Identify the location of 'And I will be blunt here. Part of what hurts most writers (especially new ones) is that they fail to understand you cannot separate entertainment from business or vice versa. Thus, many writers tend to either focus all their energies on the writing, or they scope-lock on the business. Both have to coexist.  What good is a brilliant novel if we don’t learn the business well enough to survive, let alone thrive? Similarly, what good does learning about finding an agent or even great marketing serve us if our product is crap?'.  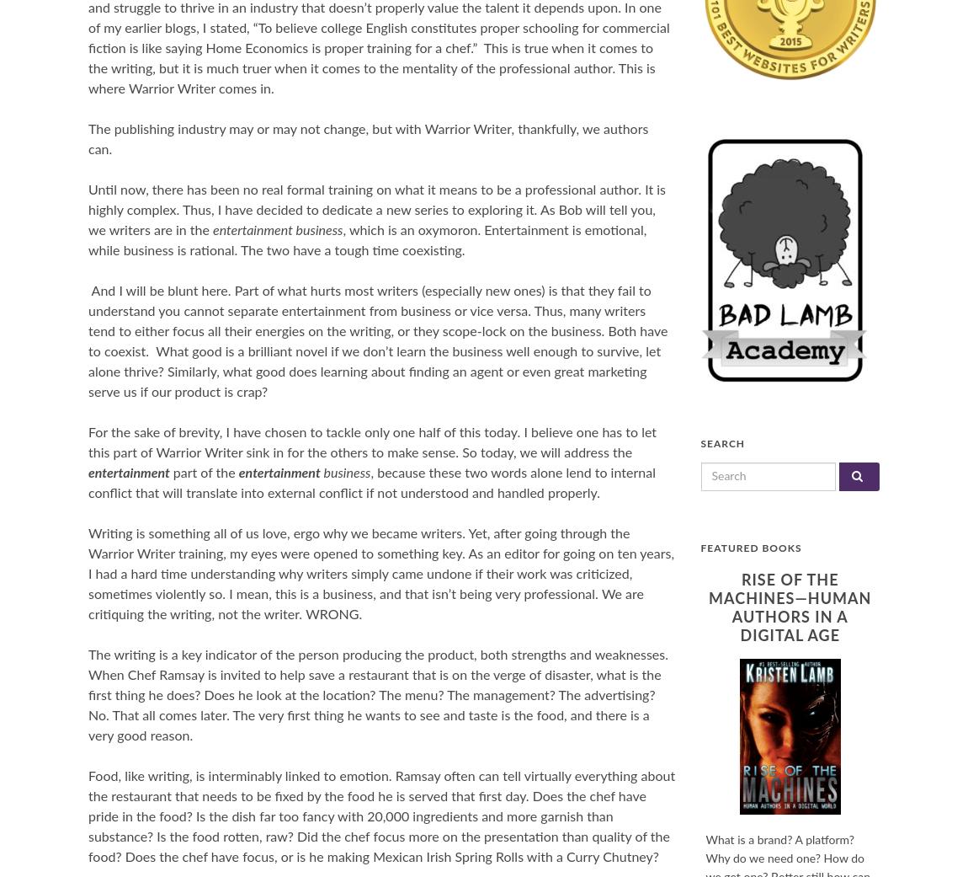
(377, 341).